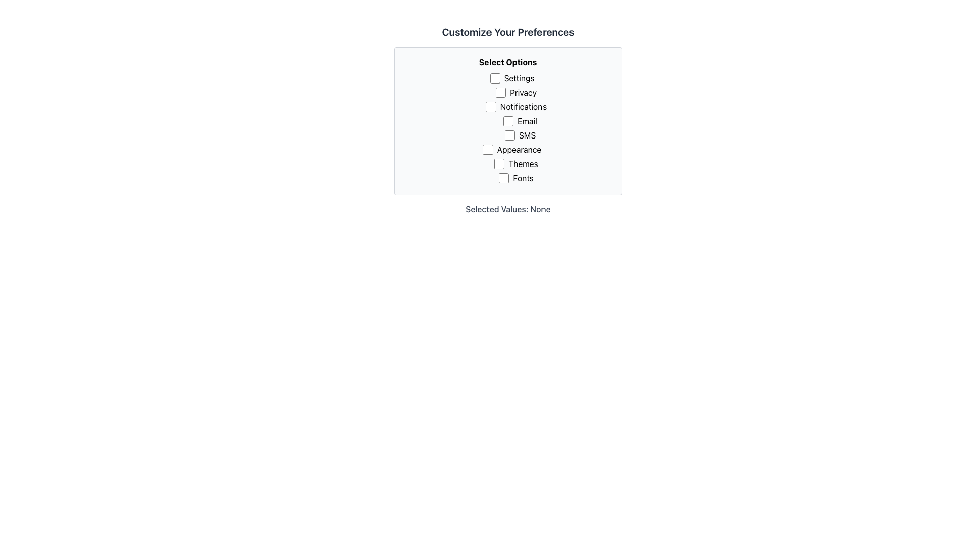  What do you see at coordinates (516, 163) in the screenshot?
I see `the Text Label that labels the checkbox for the 'Themes' option located in the 'Appearance' section, which is positioned to the right of the corresponding checkbox` at bounding box center [516, 163].